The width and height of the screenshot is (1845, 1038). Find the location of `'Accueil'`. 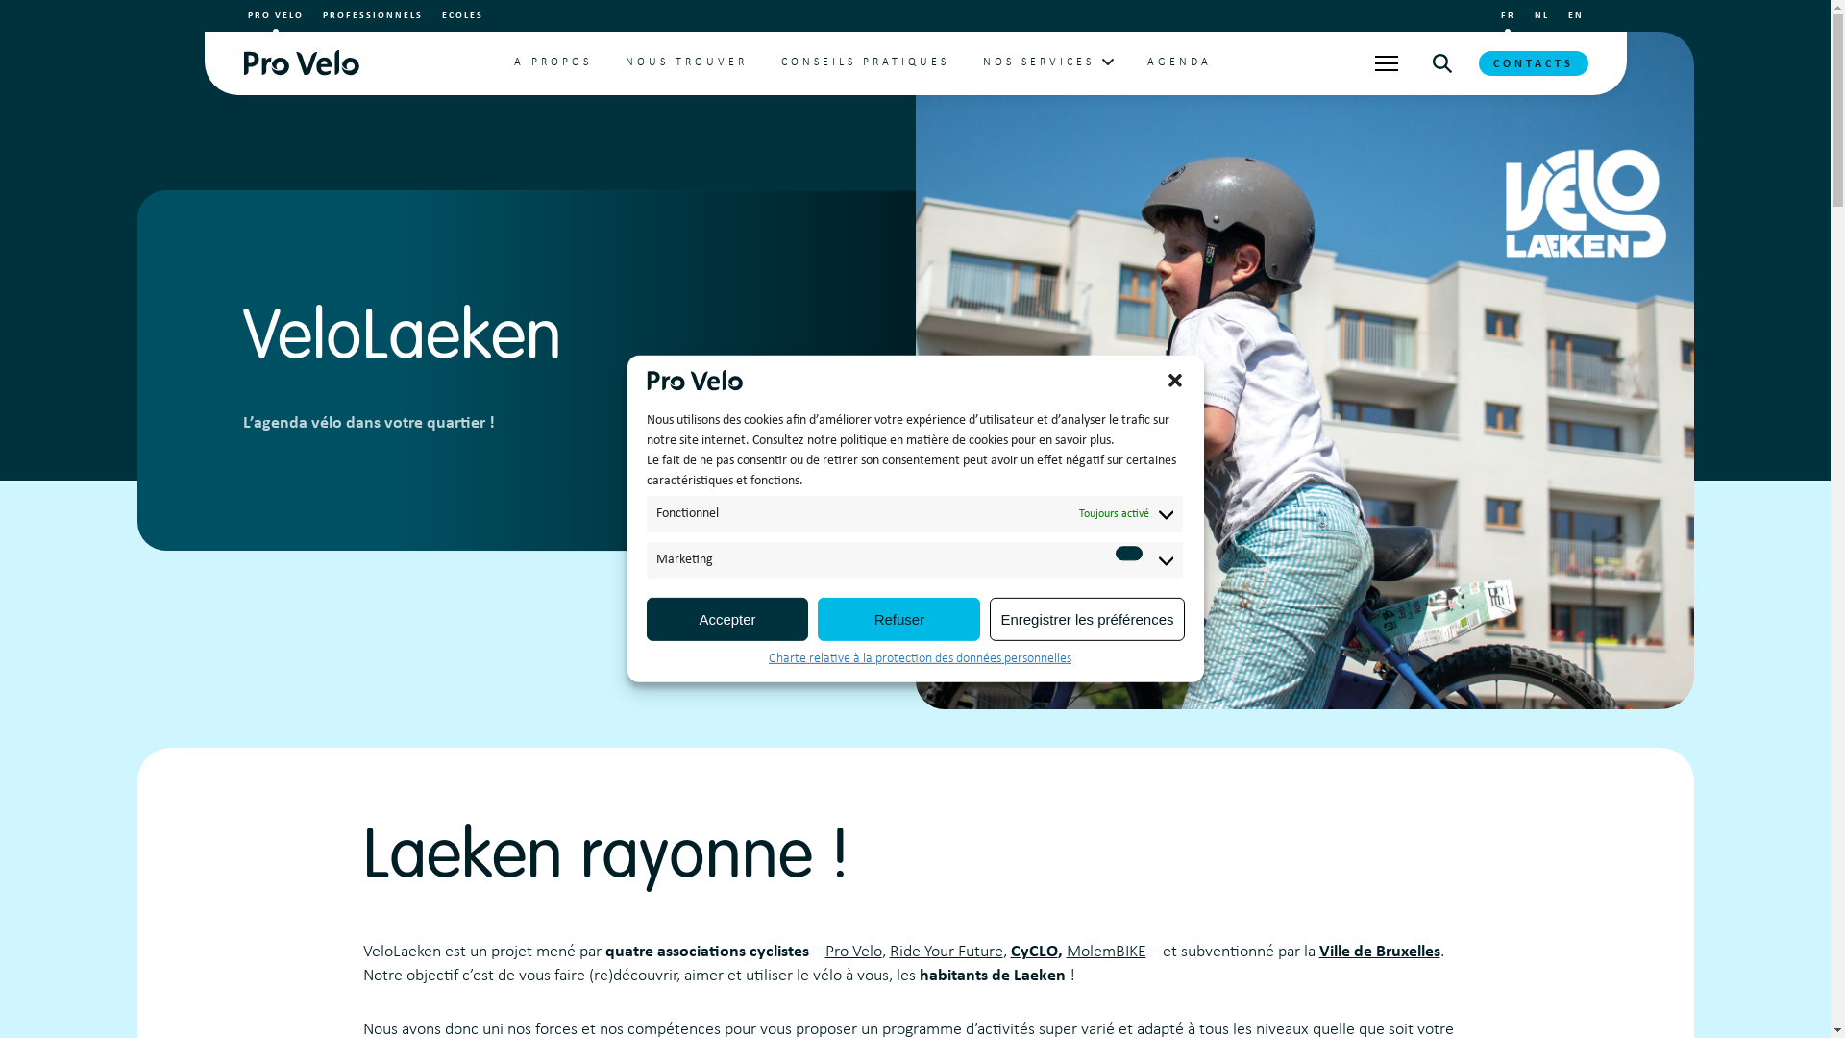

'Accueil' is located at coordinates (299, 62).